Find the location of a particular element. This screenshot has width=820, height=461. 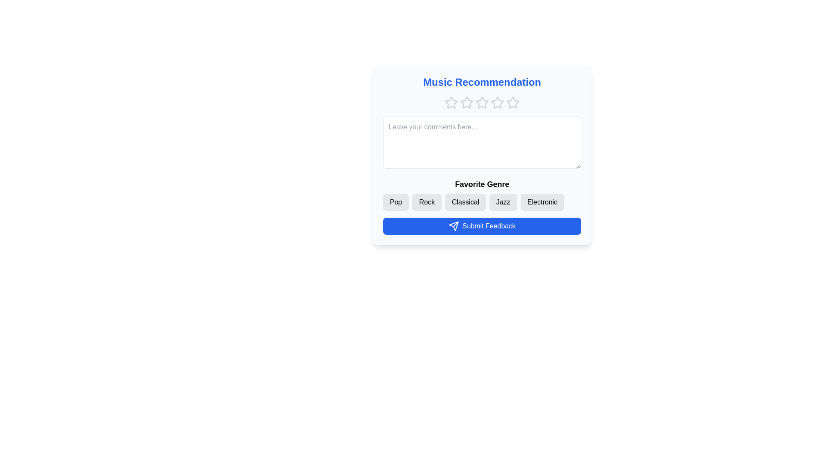

the 'Electronic' genre button, which is the fifth button in the horizontal list of genre buttons located at the bottom center of the application interface is located at coordinates (542, 202).